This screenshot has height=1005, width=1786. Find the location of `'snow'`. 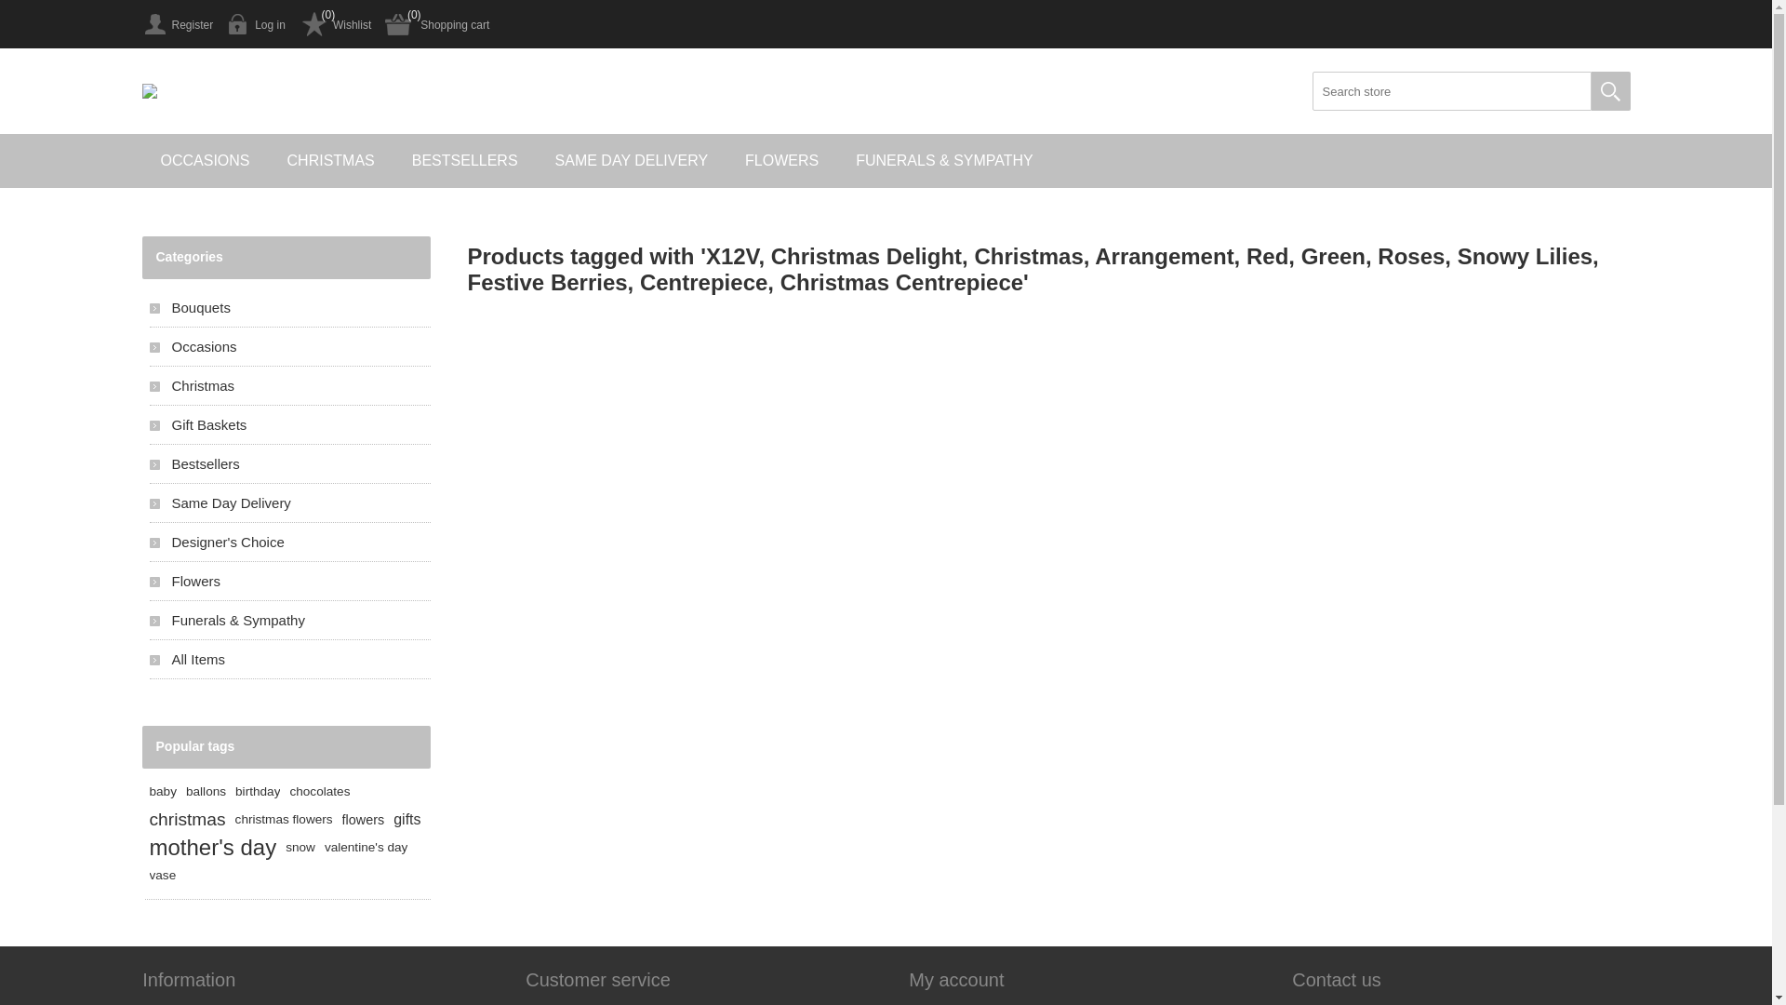

'snow' is located at coordinates (300, 847).